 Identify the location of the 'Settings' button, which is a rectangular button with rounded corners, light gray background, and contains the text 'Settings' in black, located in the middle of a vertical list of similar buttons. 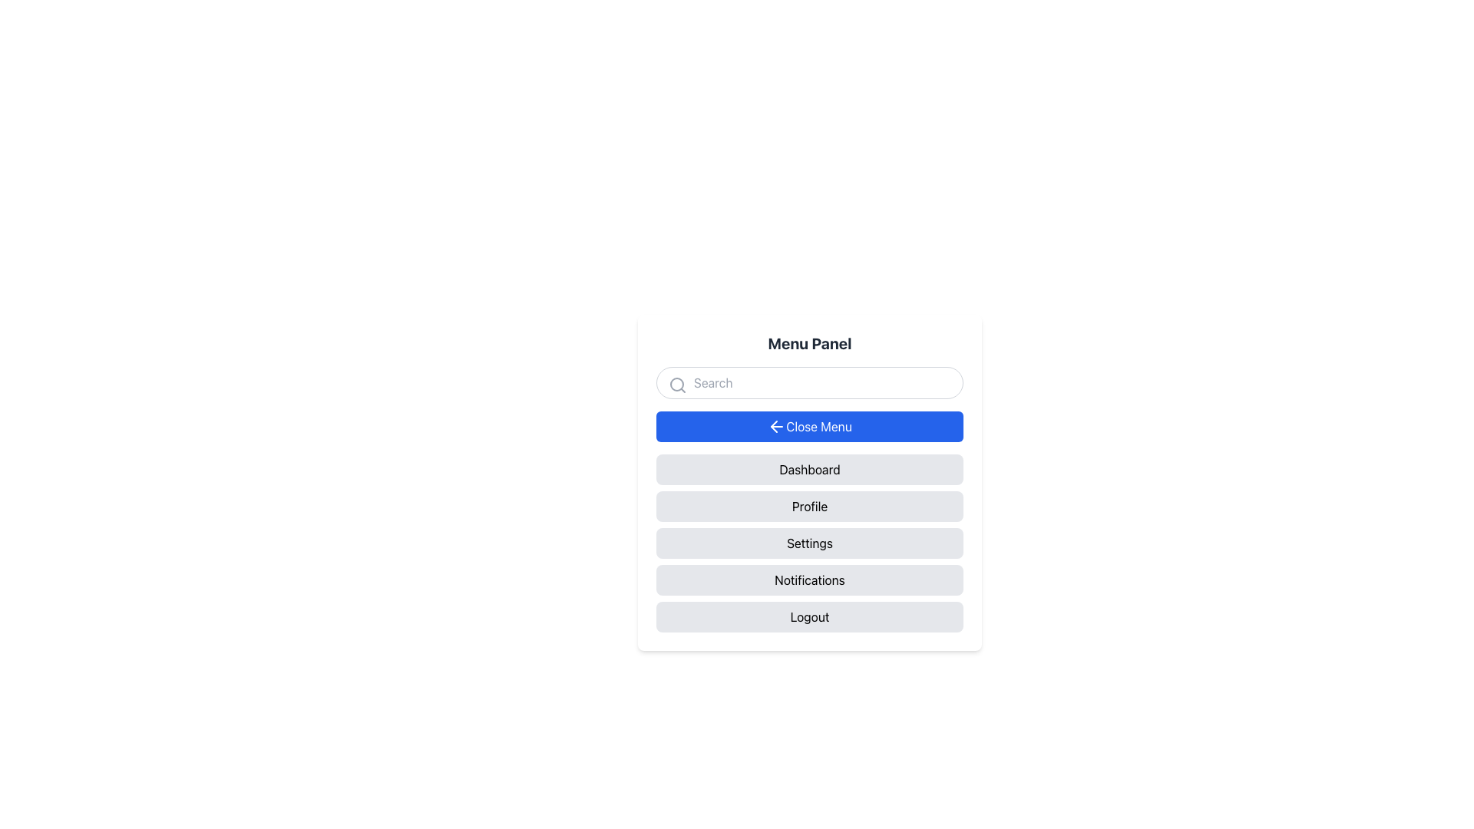
(809, 543).